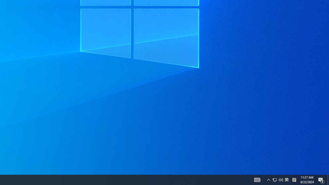 This screenshot has width=329, height=185. What do you see at coordinates (257, 179) in the screenshot?
I see `'AutomationID: 4105'` at bounding box center [257, 179].